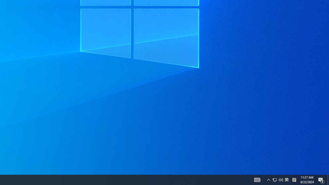 This screenshot has width=329, height=185. What do you see at coordinates (257, 179) in the screenshot?
I see `'AutomationID: 4105'` at bounding box center [257, 179].